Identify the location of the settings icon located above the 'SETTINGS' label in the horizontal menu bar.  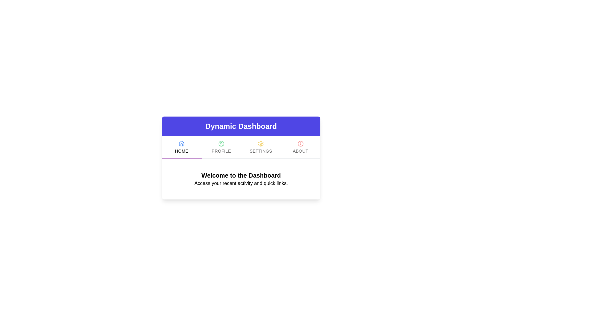
(261, 144).